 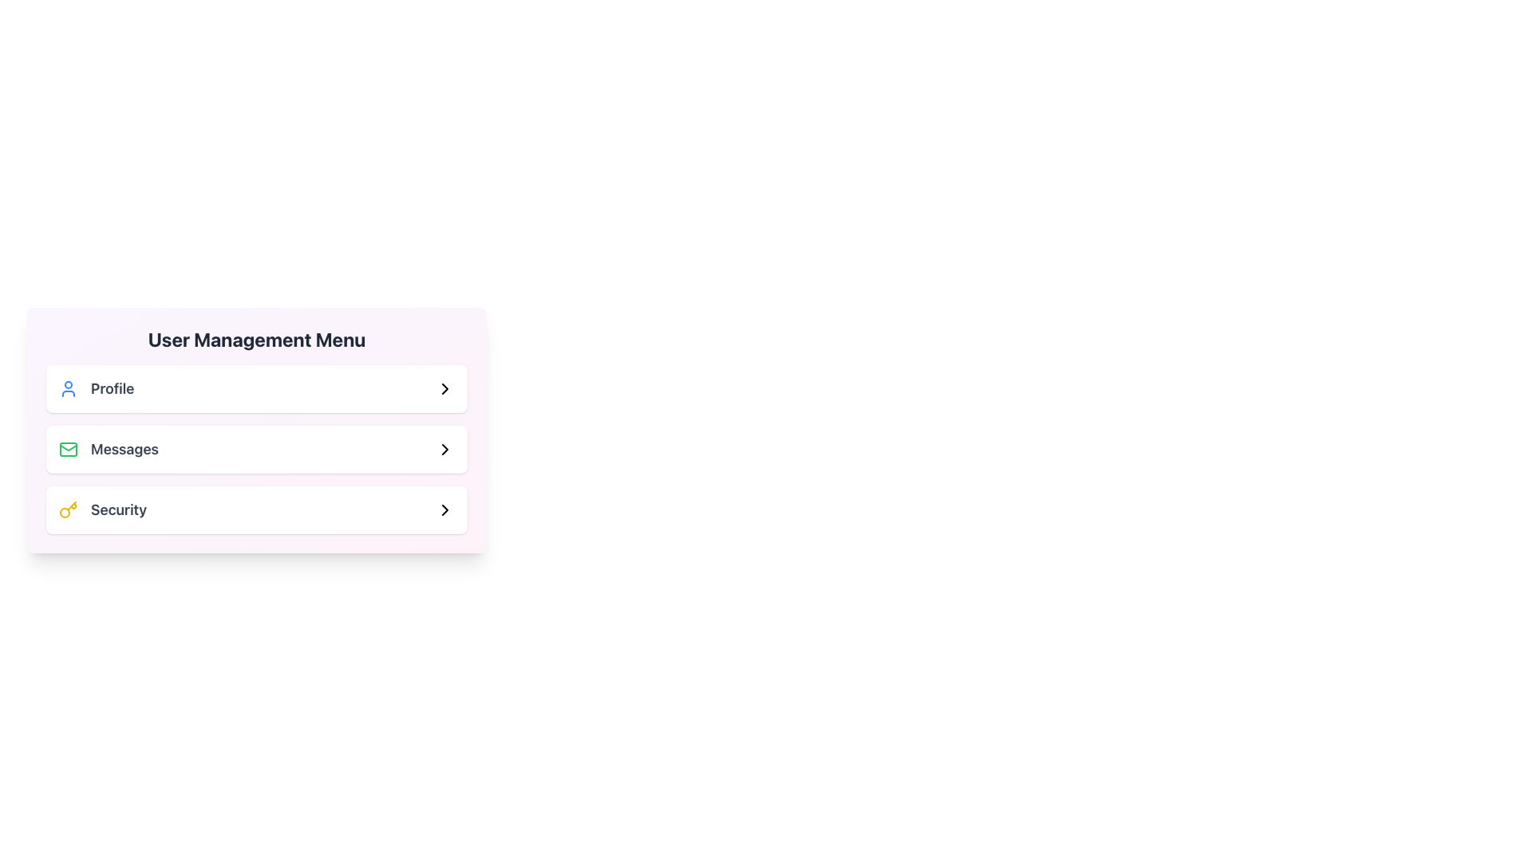 I want to click on the 'Security' menu item located in the User Management Menu, so click(x=102, y=510).